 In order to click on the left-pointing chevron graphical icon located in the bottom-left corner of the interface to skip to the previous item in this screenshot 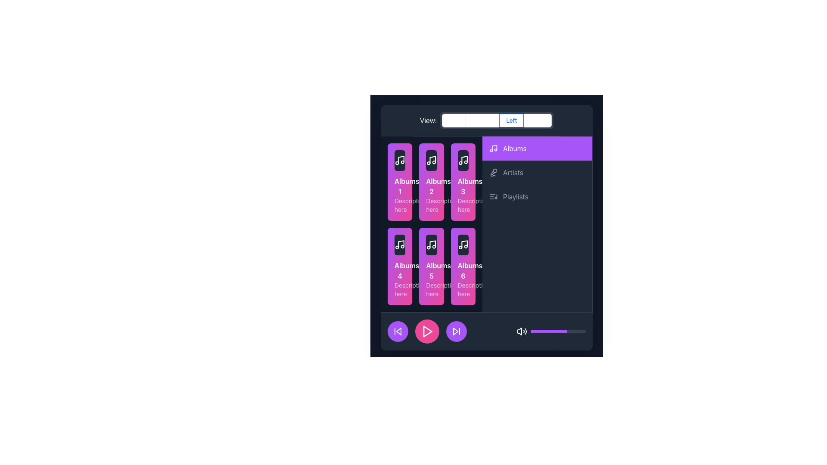, I will do `click(398, 331)`.